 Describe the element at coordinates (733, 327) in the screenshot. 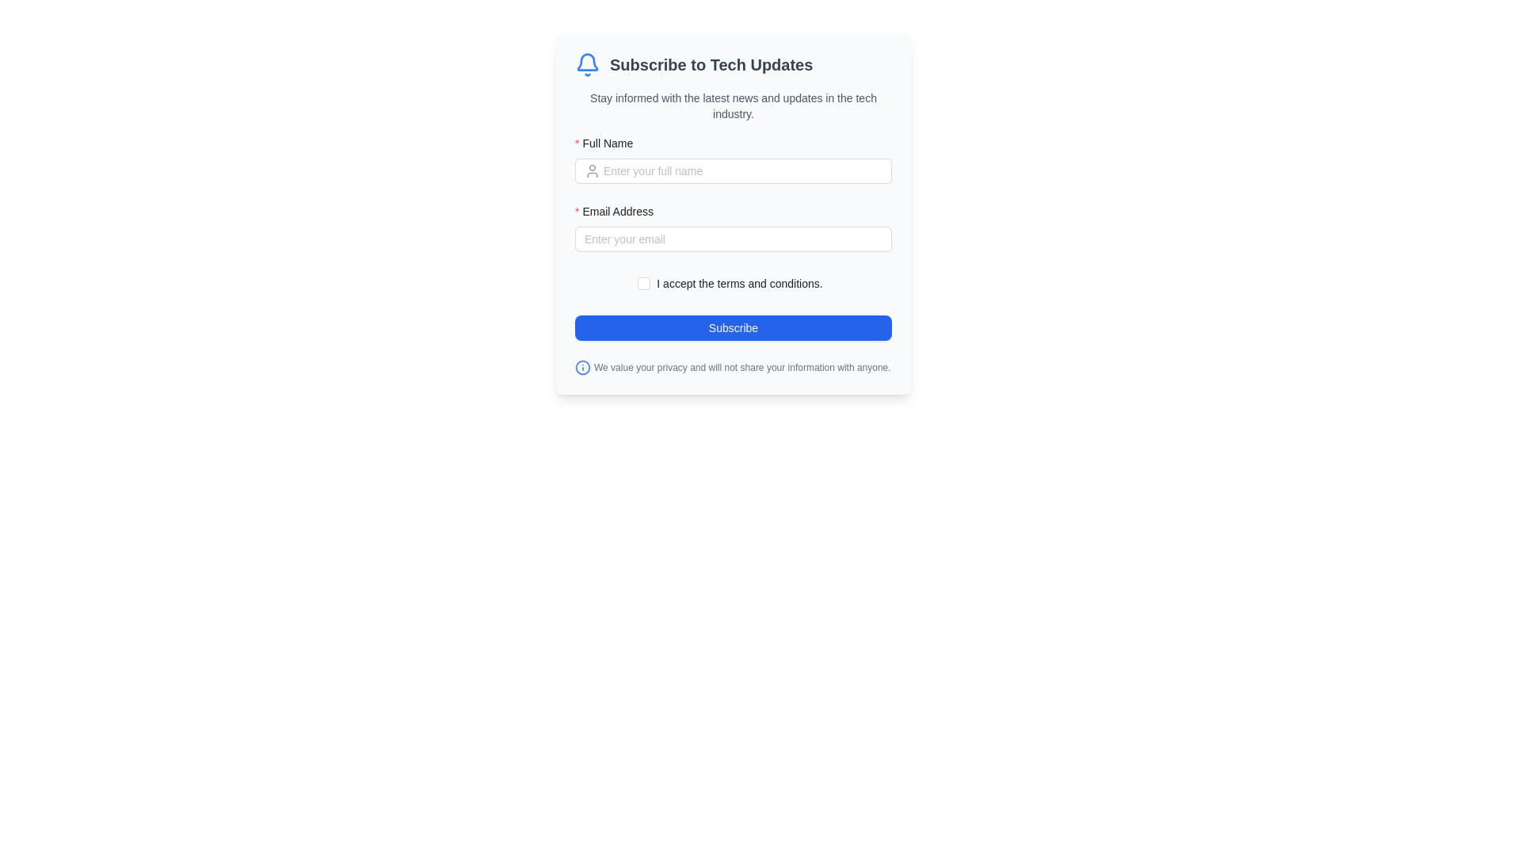

I see `the submit button located below the 'I accept the terms and conditions.' checkbox in the 'Subscribe to Tech Updates' form` at that location.